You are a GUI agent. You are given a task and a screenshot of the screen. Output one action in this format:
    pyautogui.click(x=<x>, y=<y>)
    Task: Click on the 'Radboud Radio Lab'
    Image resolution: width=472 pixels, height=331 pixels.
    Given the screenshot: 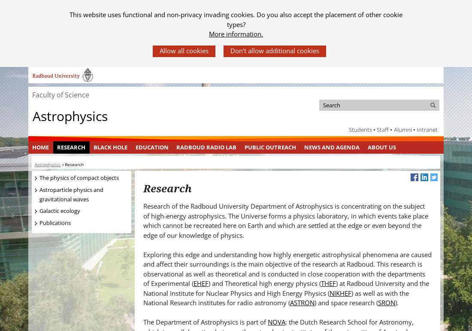 What is the action you would take?
    pyautogui.click(x=206, y=147)
    